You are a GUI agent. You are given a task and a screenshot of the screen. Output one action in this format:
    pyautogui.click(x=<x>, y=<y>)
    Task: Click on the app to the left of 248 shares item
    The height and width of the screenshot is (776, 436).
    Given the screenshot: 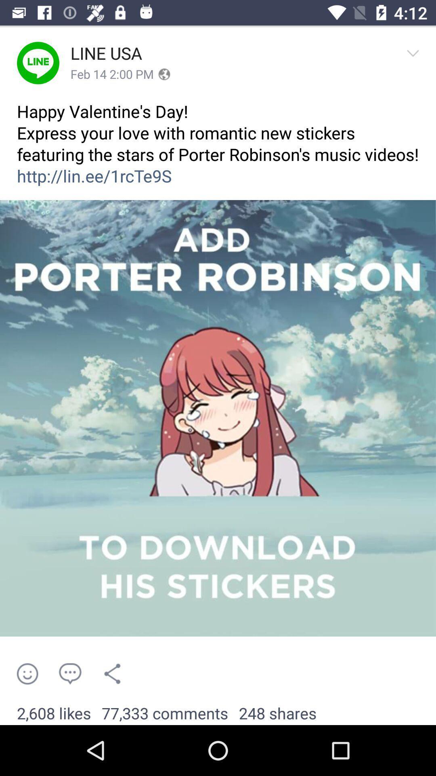 What is the action you would take?
    pyautogui.click(x=164, y=714)
    